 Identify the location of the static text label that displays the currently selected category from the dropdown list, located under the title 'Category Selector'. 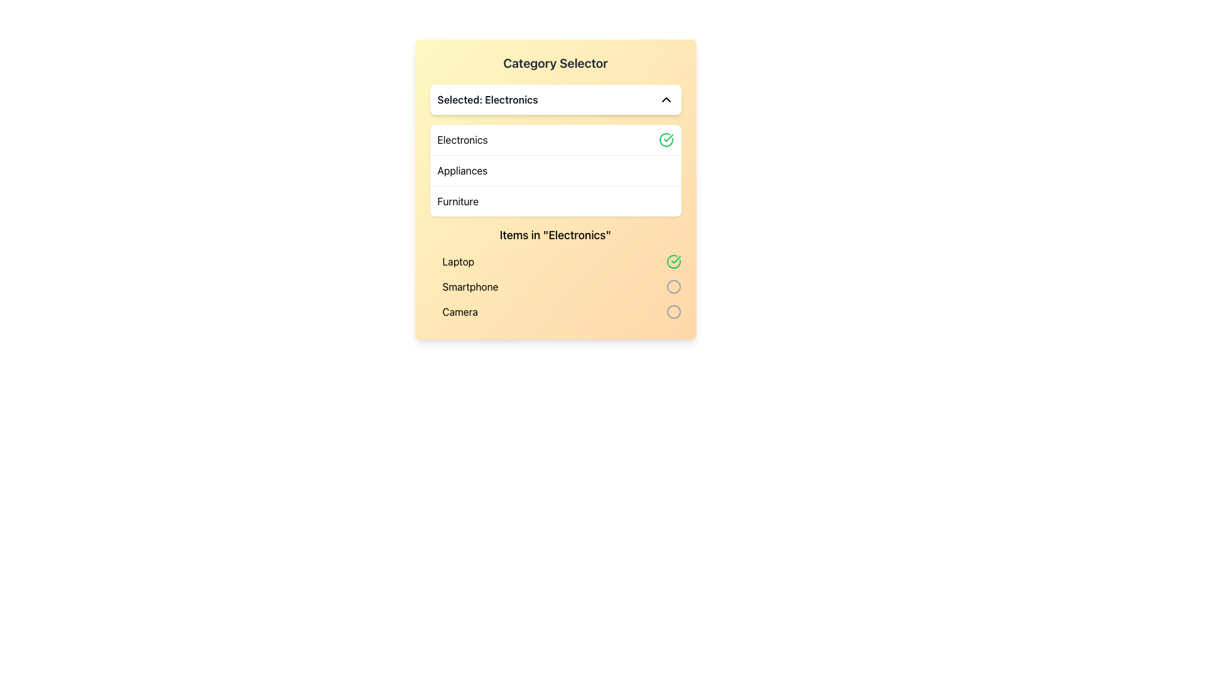
(487, 99).